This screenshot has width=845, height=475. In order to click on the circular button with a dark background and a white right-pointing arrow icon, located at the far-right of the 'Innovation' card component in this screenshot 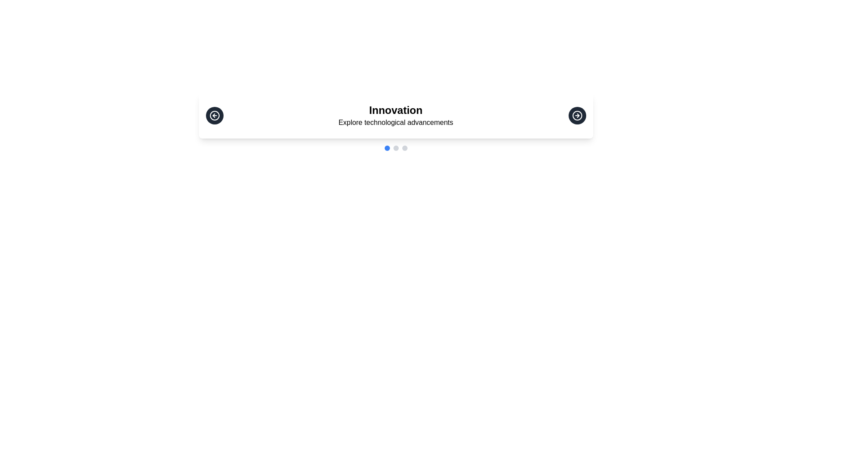, I will do `click(577, 115)`.